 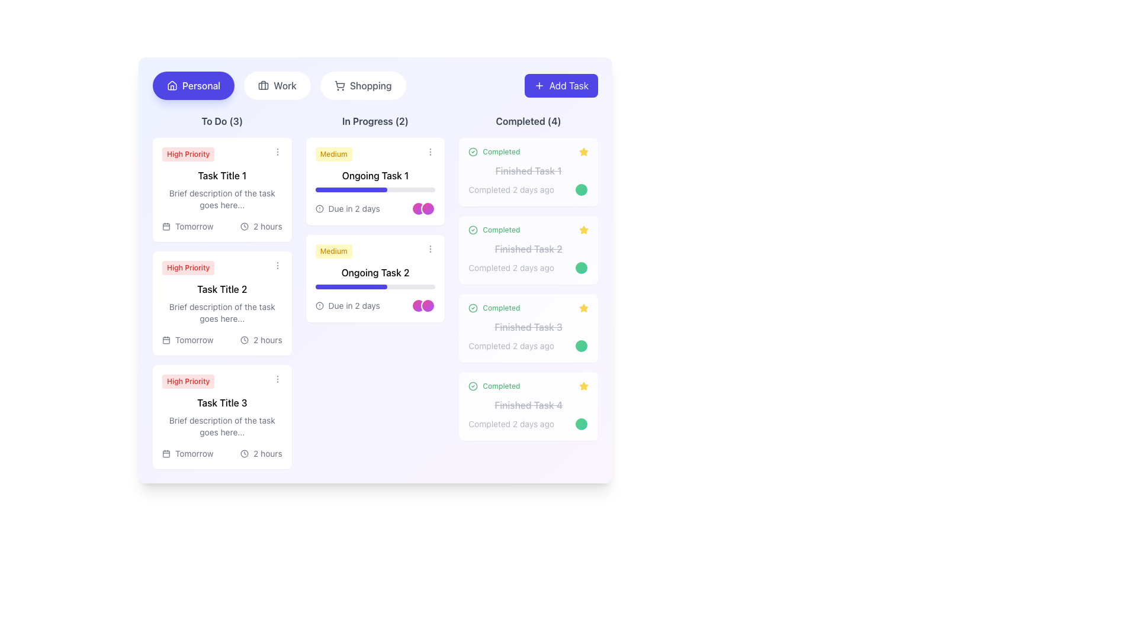 I want to click on the status indicator text label located in the 'Completed (4)' section within the card labeled 'Finished Task 3', at the bottom-right corner of the main content area, so click(x=511, y=346).